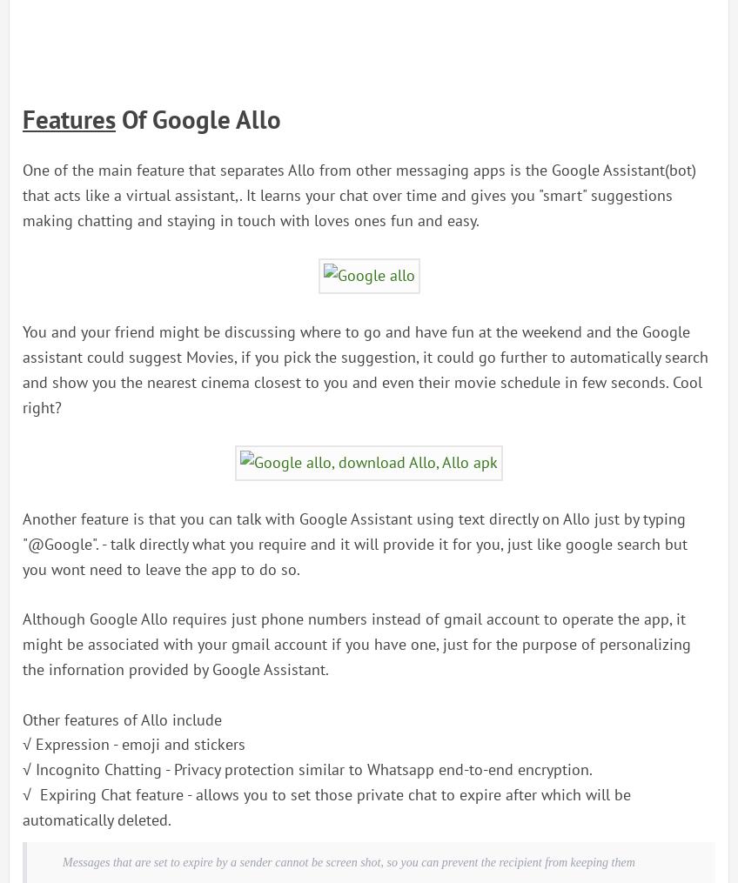 The height and width of the screenshot is (883, 738). Describe the element at coordinates (121, 719) in the screenshot. I see `'Other features of Allo include'` at that location.